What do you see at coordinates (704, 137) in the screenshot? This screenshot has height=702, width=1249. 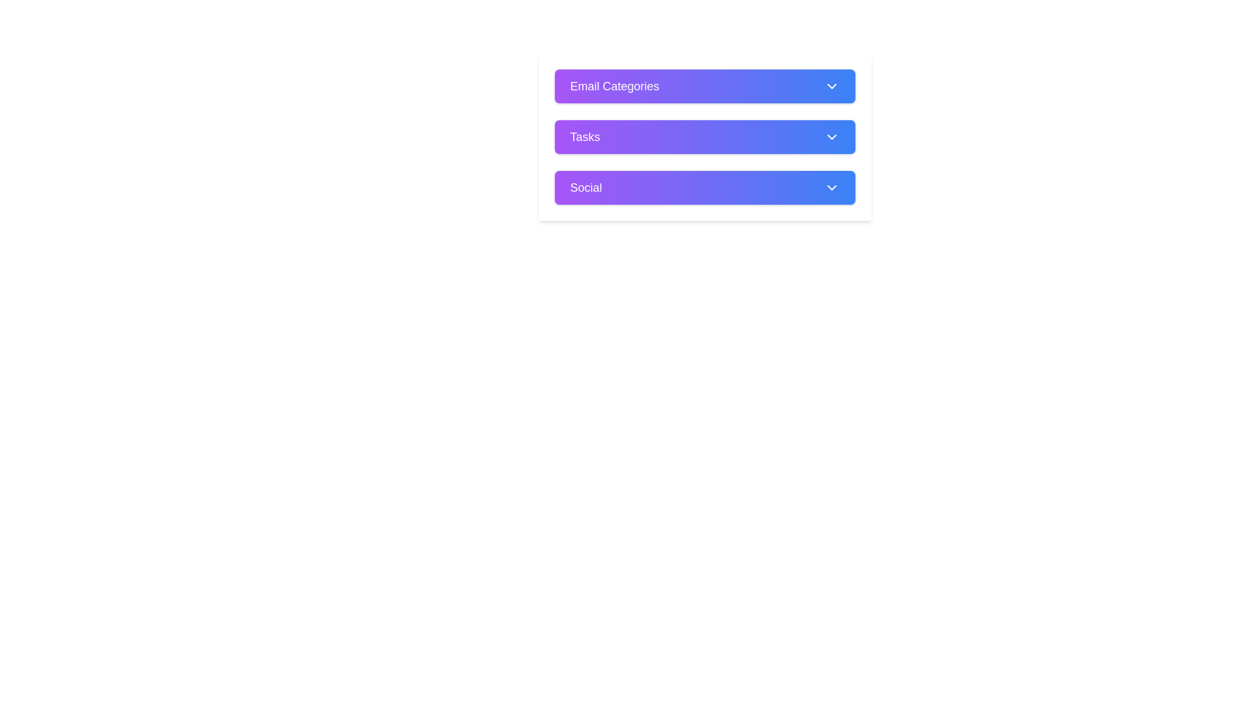 I see `the 'Tasks' button with a gradient background using keyboard navigation to focus on it` at bounding box center [704, 137].